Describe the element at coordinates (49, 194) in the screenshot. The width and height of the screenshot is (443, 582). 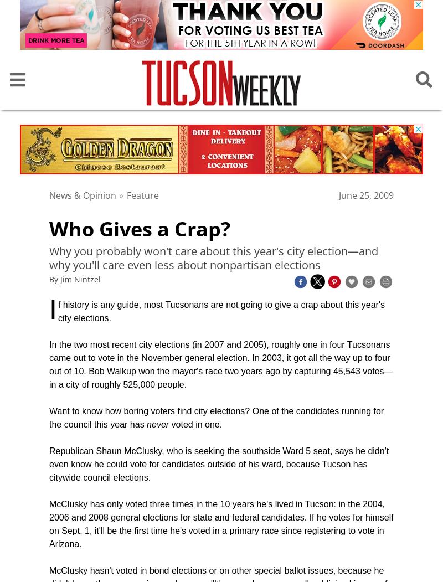
I see `'News & Opinion'` at that location.